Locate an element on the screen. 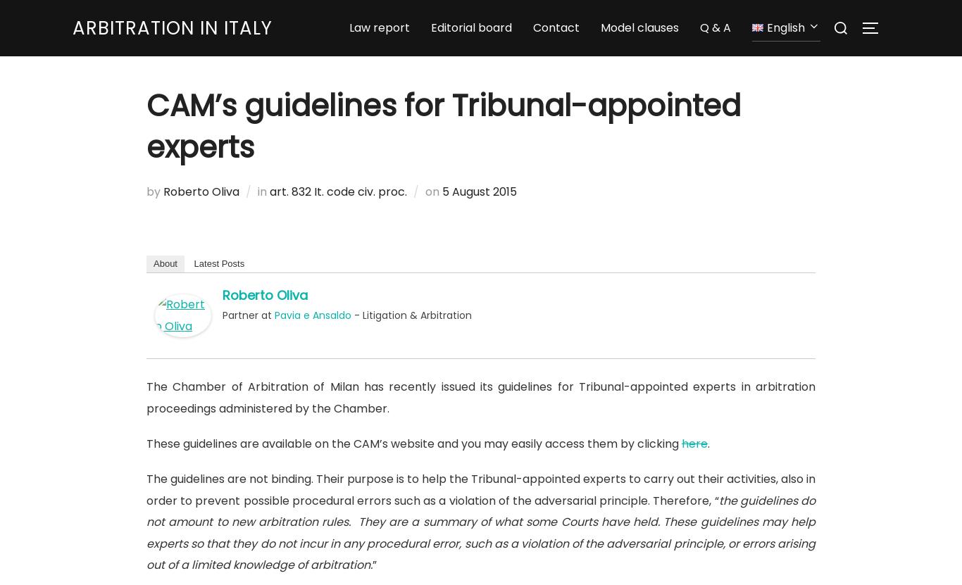 This screenshot has height=585, width=962. 'English' is located at coordinates (766, 30).